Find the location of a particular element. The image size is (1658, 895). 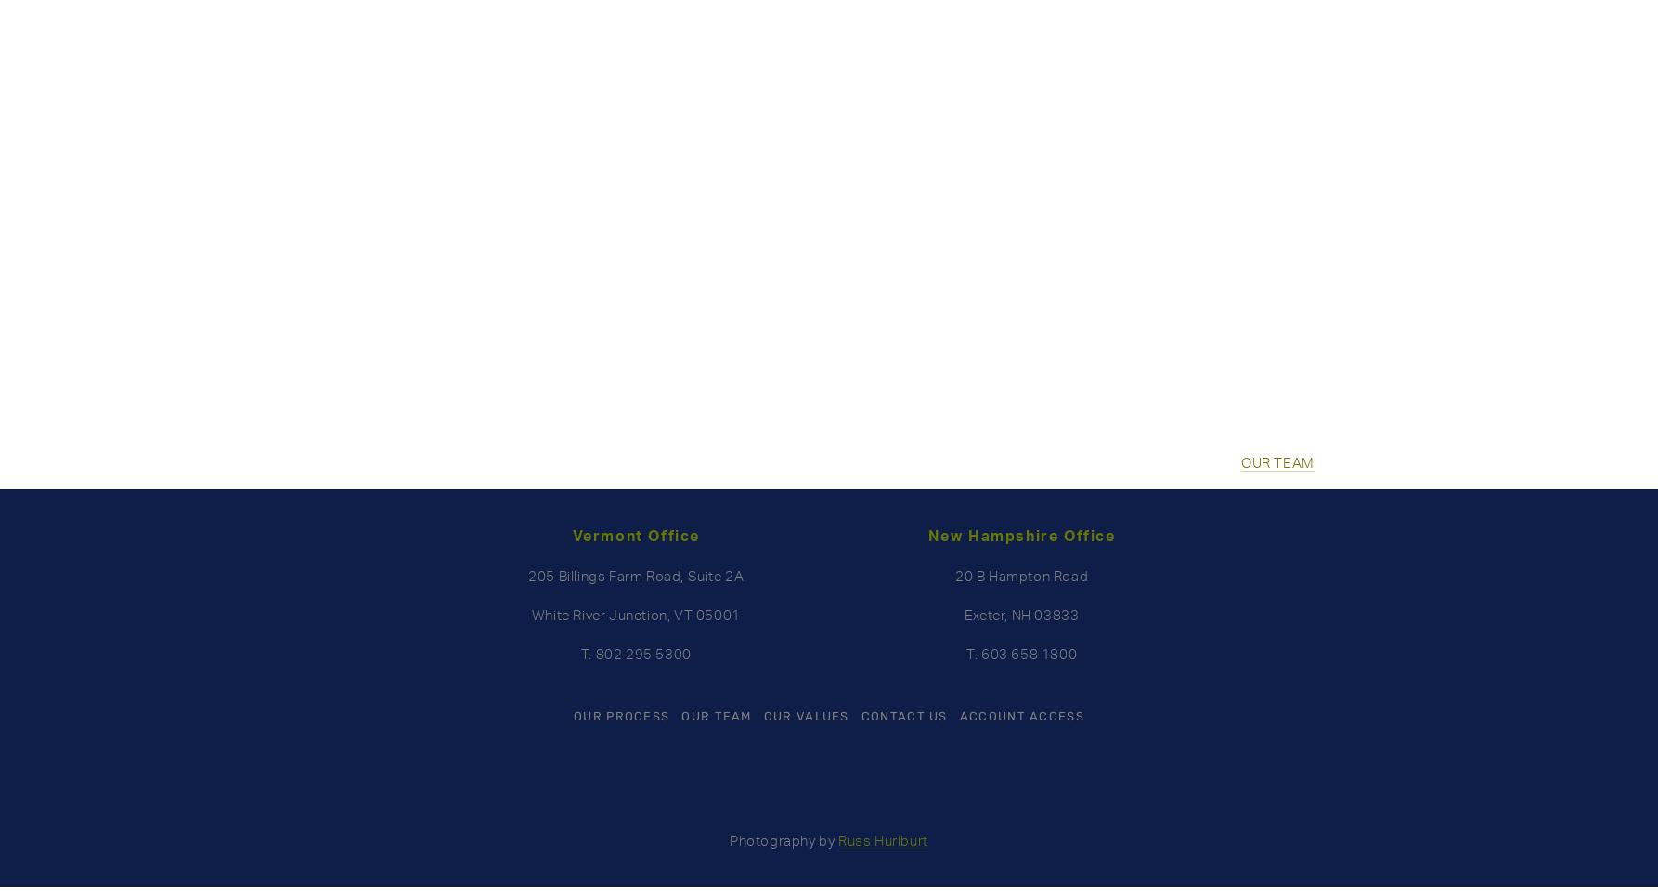

'White River Junction, VT 05001' is located at coordinates (530, 614).